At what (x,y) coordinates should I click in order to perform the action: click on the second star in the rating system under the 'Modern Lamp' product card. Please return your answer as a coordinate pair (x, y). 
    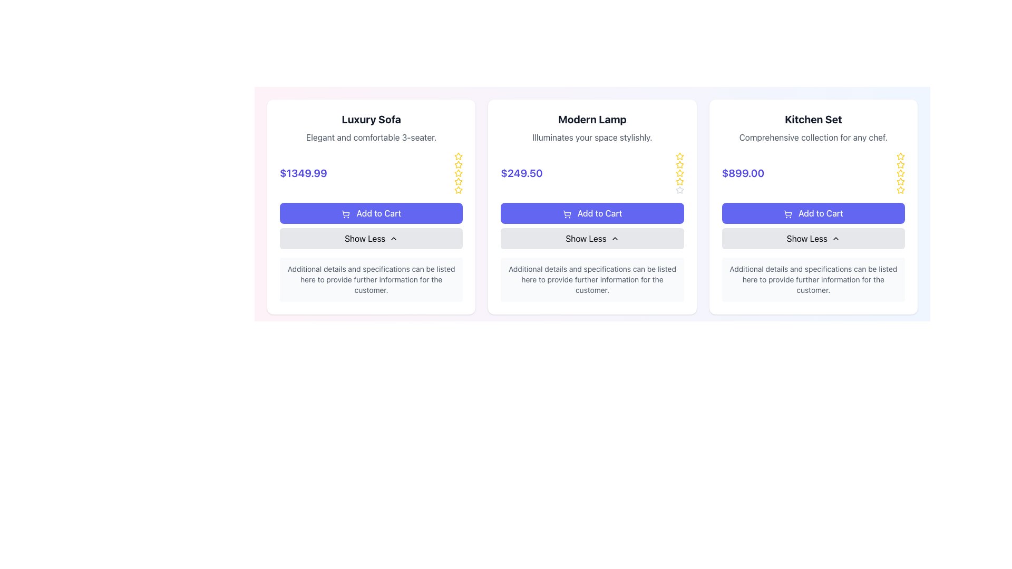
    Looking at the image, I should click on (679, 172).